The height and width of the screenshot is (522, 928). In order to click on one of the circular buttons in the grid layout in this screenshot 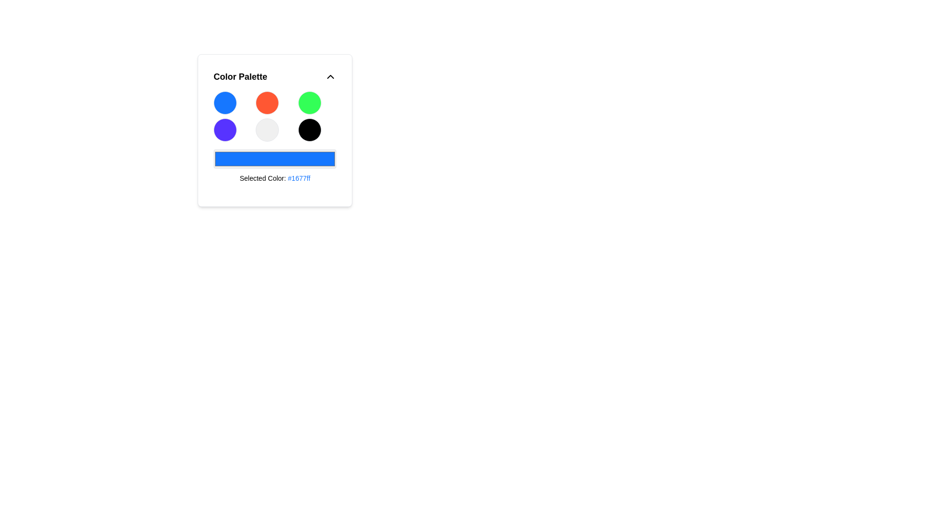, I will do `click(275, 116)`.